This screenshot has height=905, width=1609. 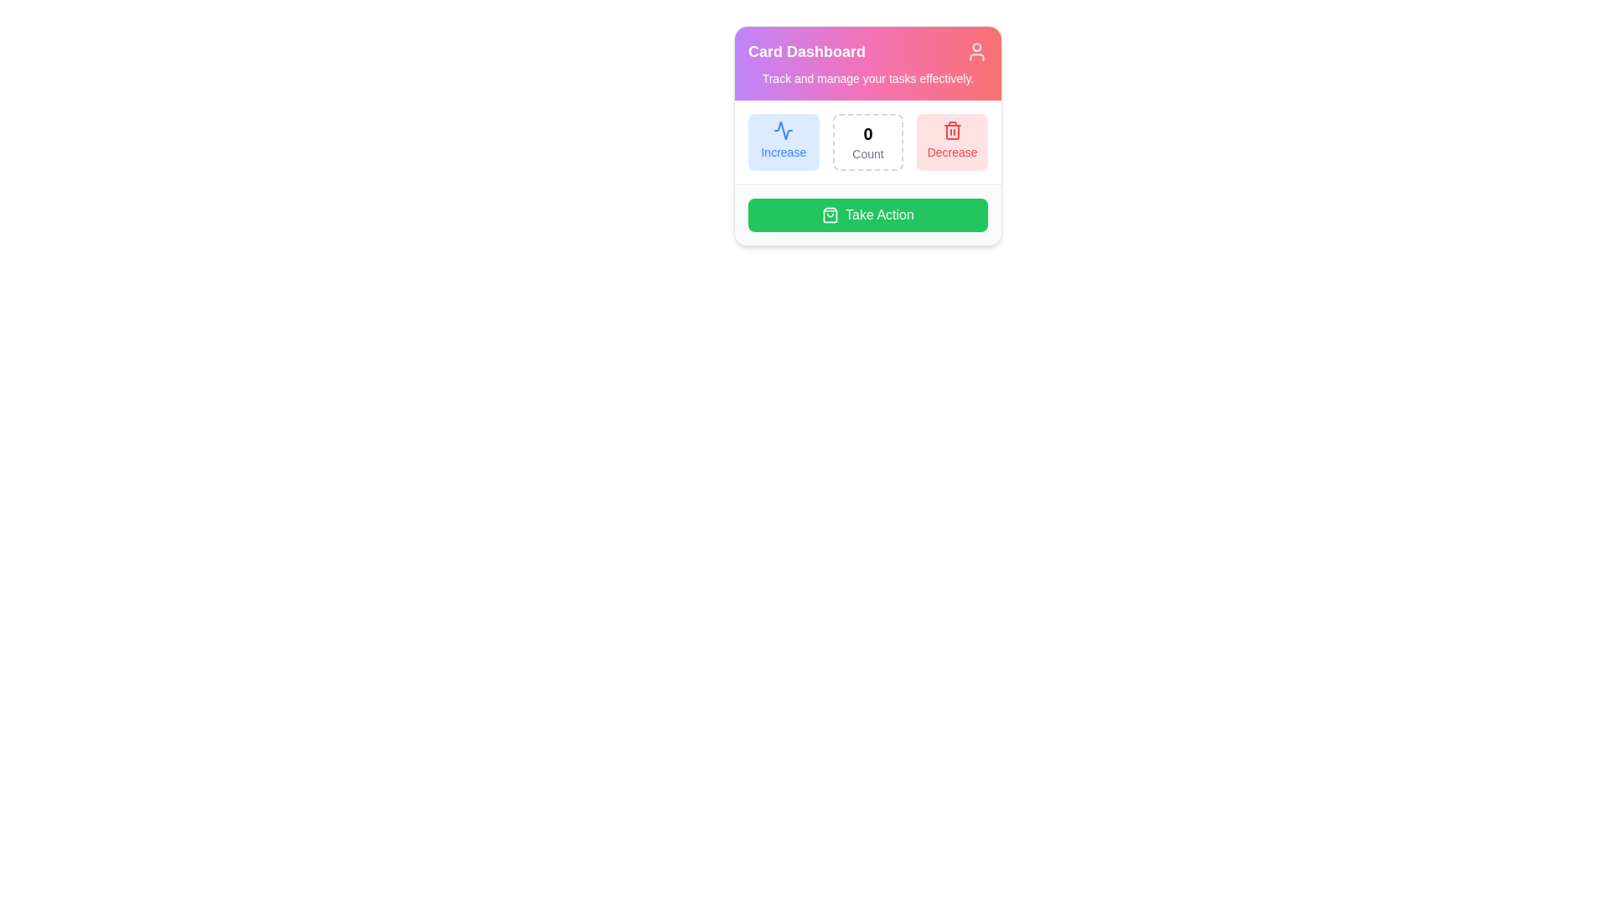 I want to click on the Text Display element that shows a bold '0' with a smaller 'Count' text below it, located between the blue 'Increase' button and the red 'Decrease' button, so click(x=868, y=141).